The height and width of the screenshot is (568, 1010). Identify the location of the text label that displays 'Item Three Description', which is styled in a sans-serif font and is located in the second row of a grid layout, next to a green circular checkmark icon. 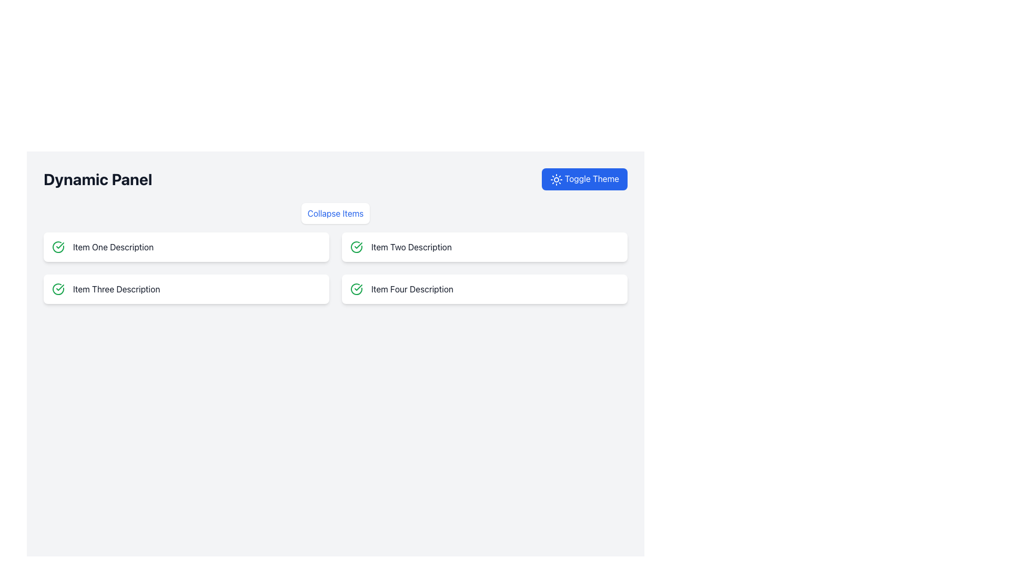
(116, 289).